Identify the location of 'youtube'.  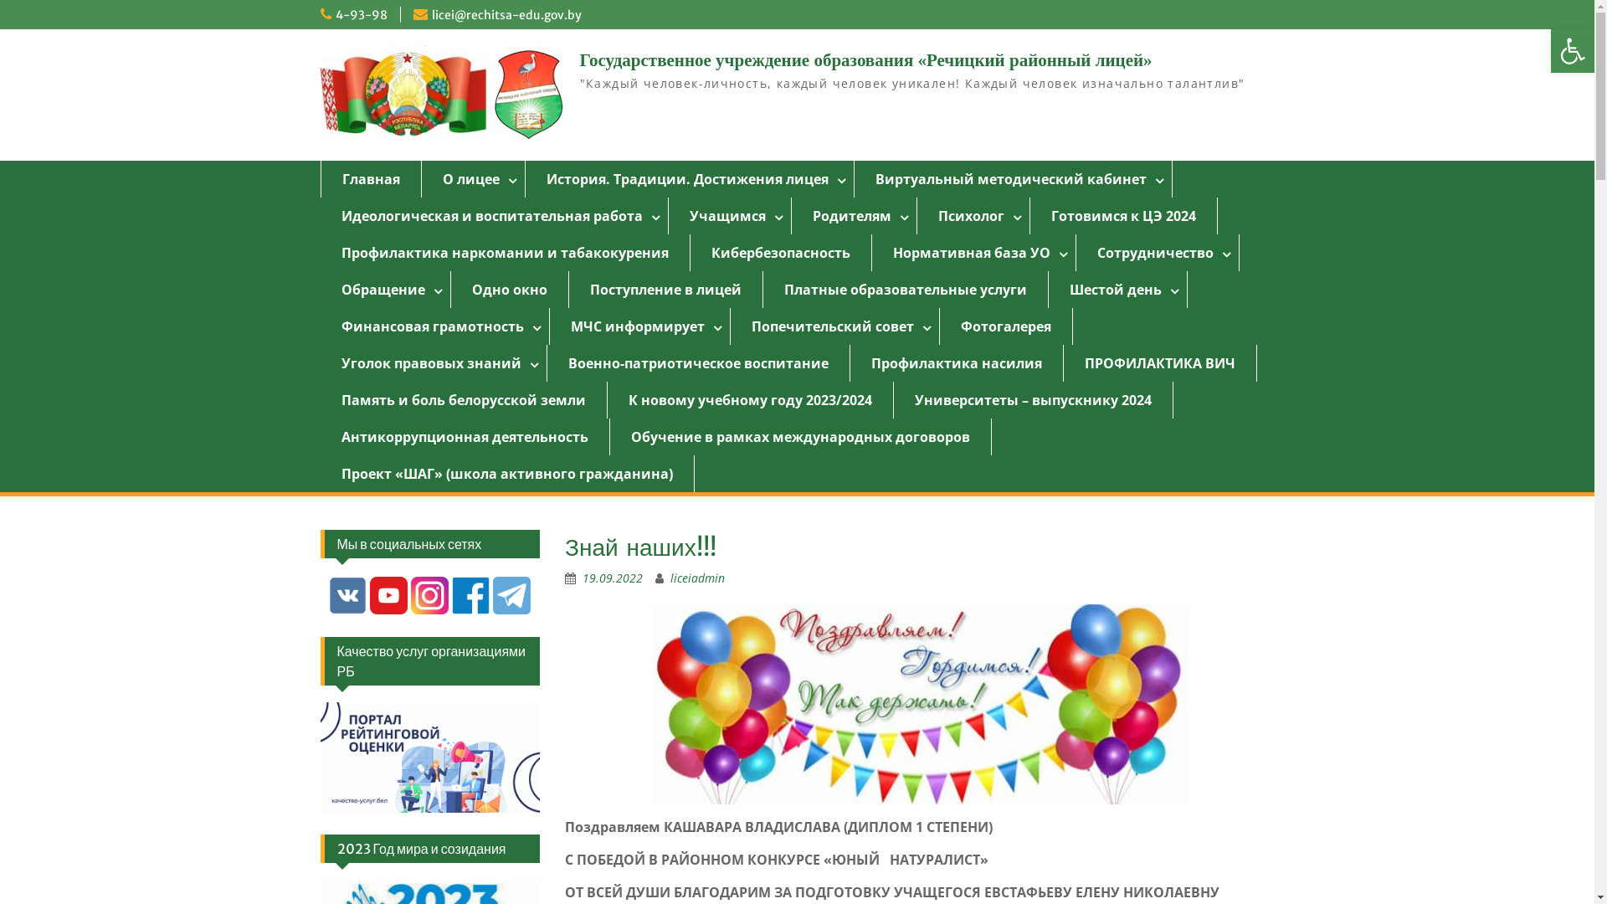
(388, 611).